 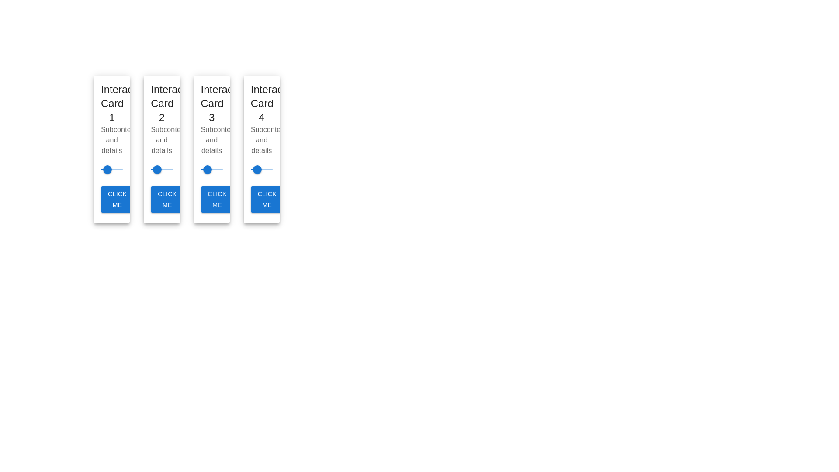 I want to click on the slider value, so click(x=208, y=170).